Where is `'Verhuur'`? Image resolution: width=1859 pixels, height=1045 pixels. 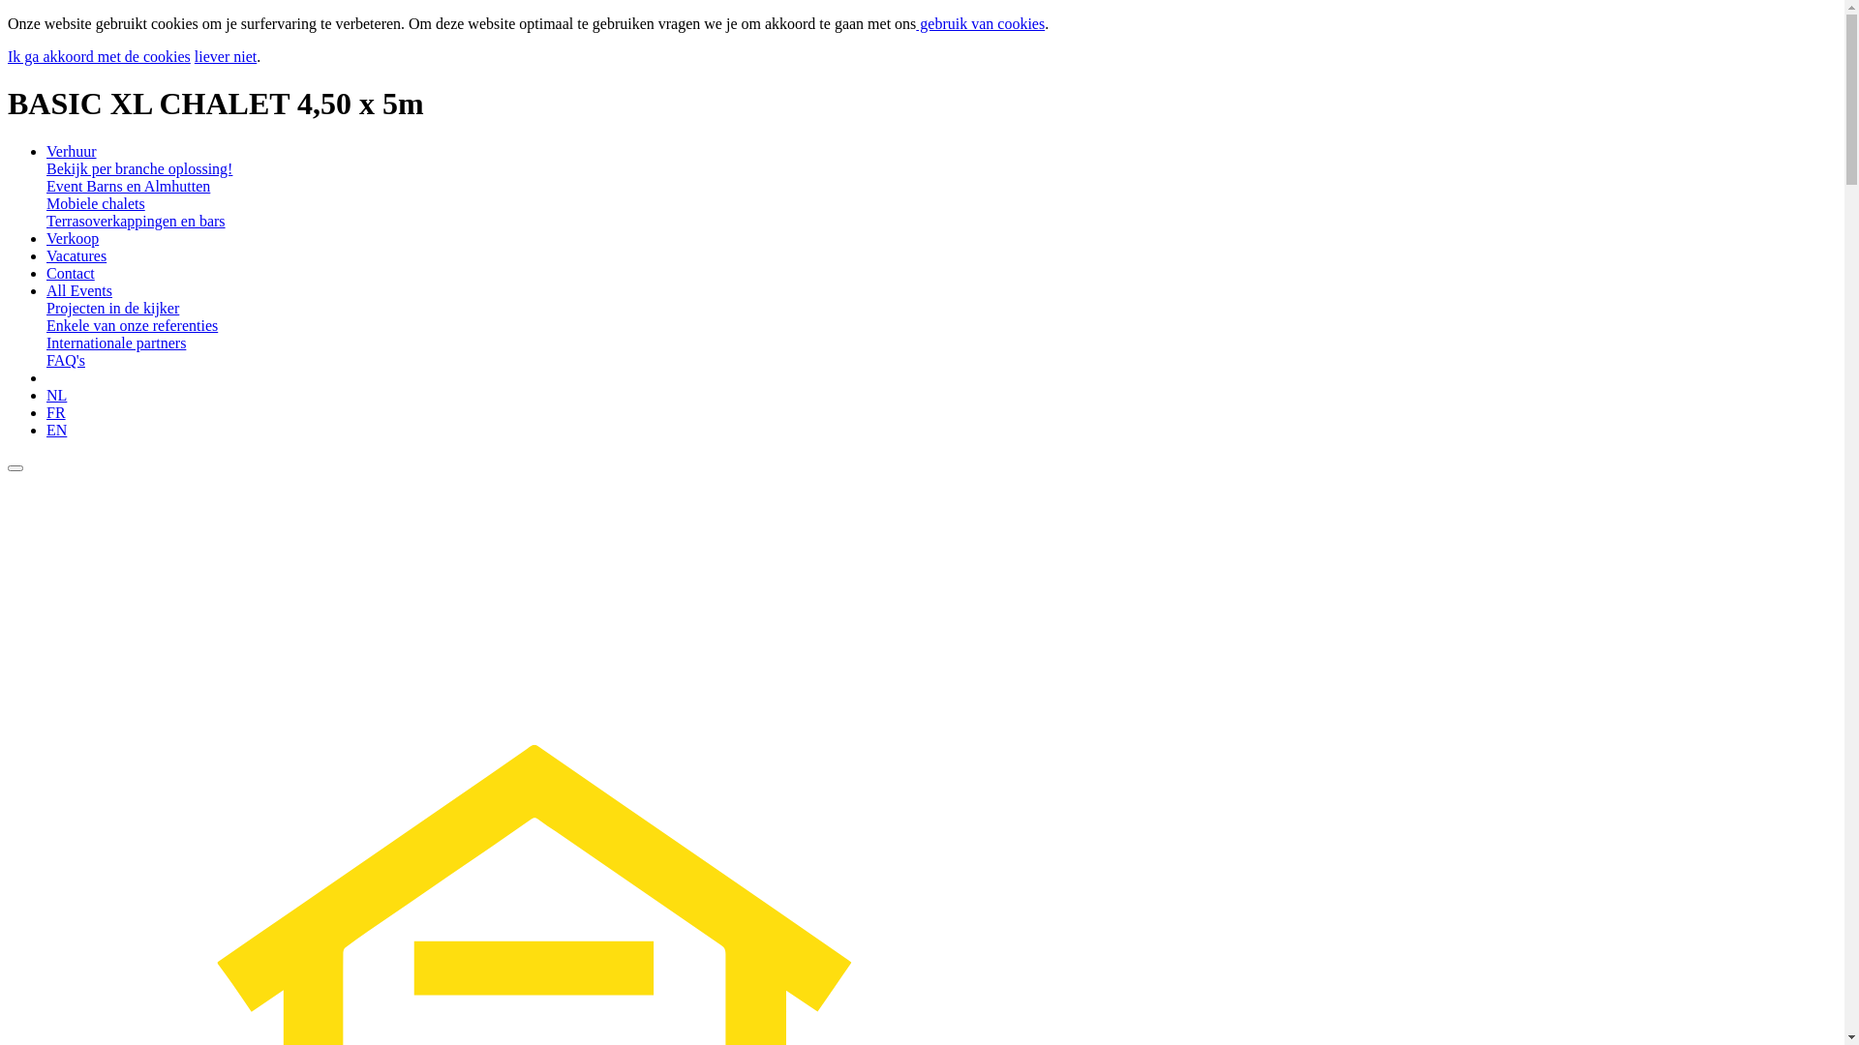
'Verhuur' is located at coordinates (71, 150).